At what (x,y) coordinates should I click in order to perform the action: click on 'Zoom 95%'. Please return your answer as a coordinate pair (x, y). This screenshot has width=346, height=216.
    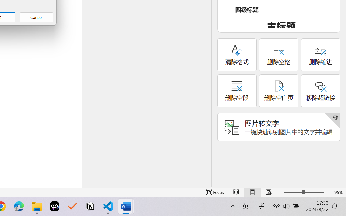
    Looking at the image, I should click on (338, 192).